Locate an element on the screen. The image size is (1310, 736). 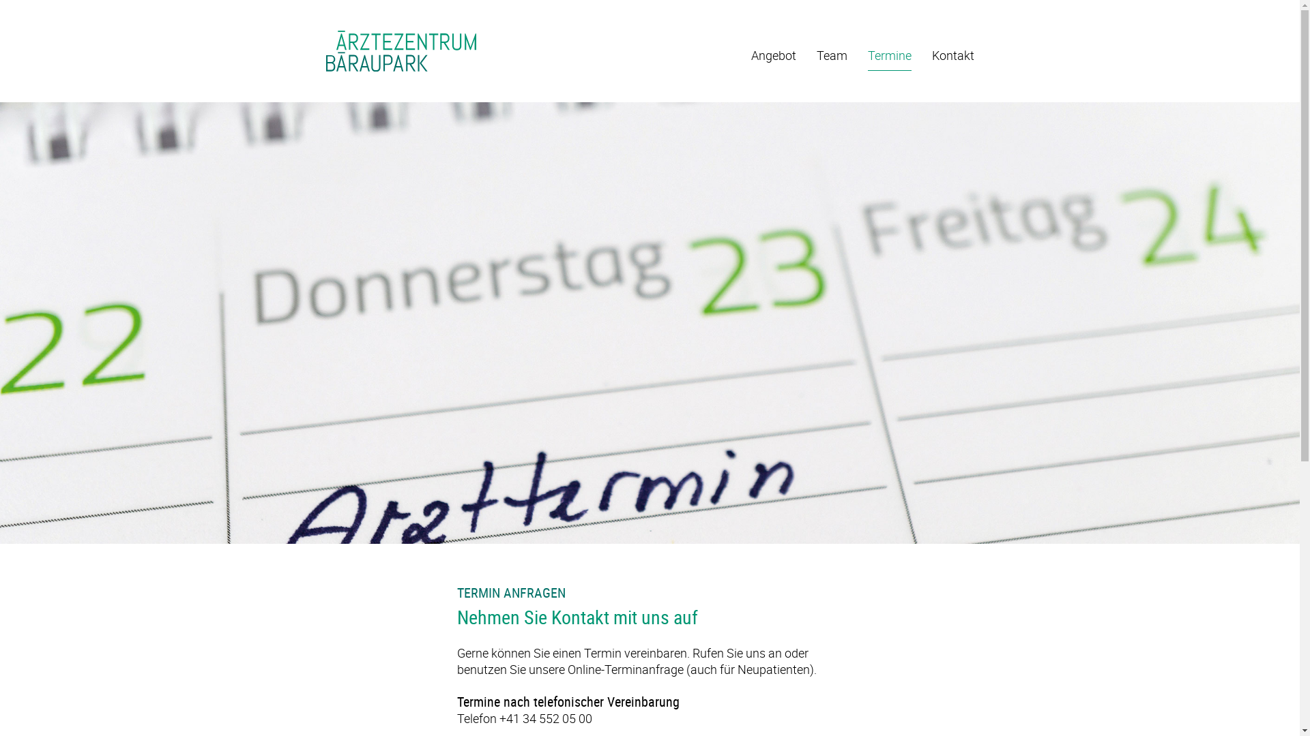
'Termine' is located at coordinates (890, 58).